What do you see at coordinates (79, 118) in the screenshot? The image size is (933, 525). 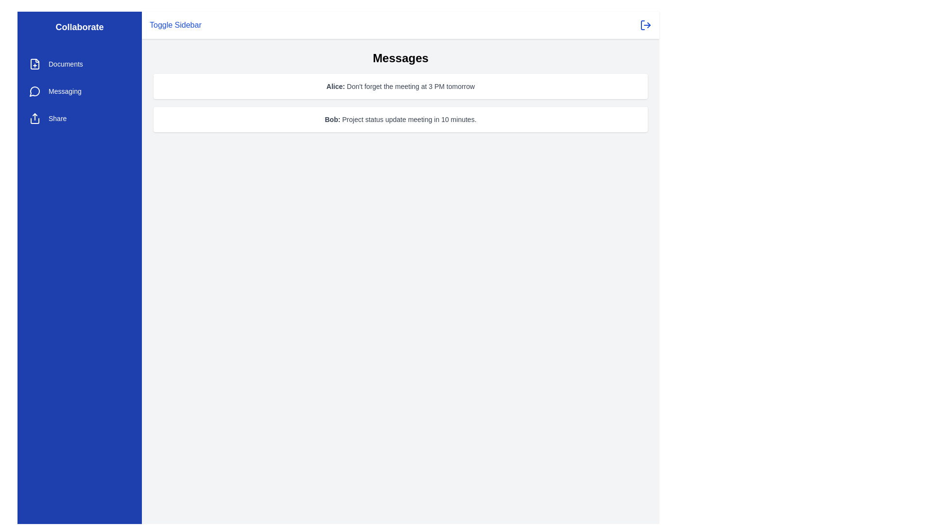 I see `the 'Share' button in the blue sidebar panel, which is the third row in the vertical list` at bounding box center [79, 118].